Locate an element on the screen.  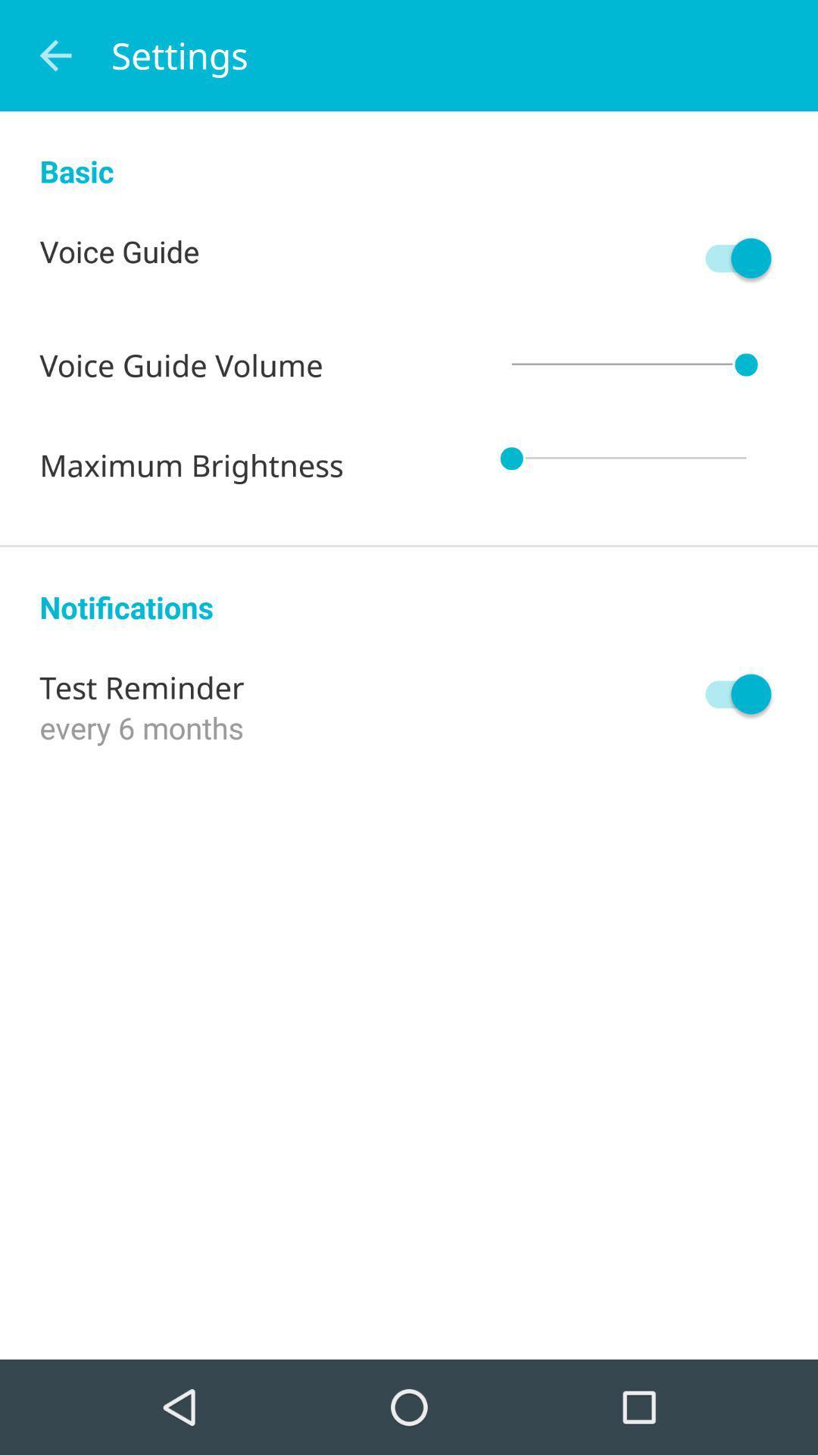
the icon next to the test reminder item is located at coordinates (730, 693).